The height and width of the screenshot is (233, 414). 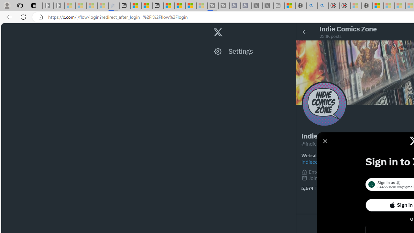 What do you see at coordinates (59, 6) in the screenshot?
I see `'Newsletter Sign Up - Sleeping'` at bounding box center [59, 6].